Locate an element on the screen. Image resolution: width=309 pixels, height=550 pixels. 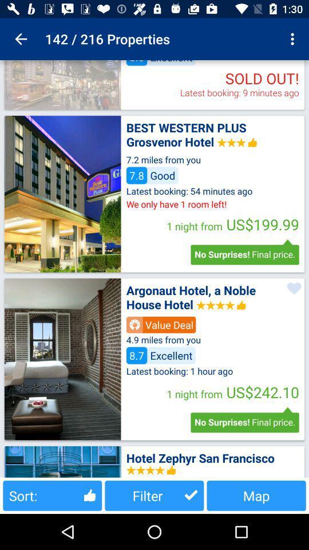
the item next to 142 / 216 properties app is located at coordinates (21, 39).